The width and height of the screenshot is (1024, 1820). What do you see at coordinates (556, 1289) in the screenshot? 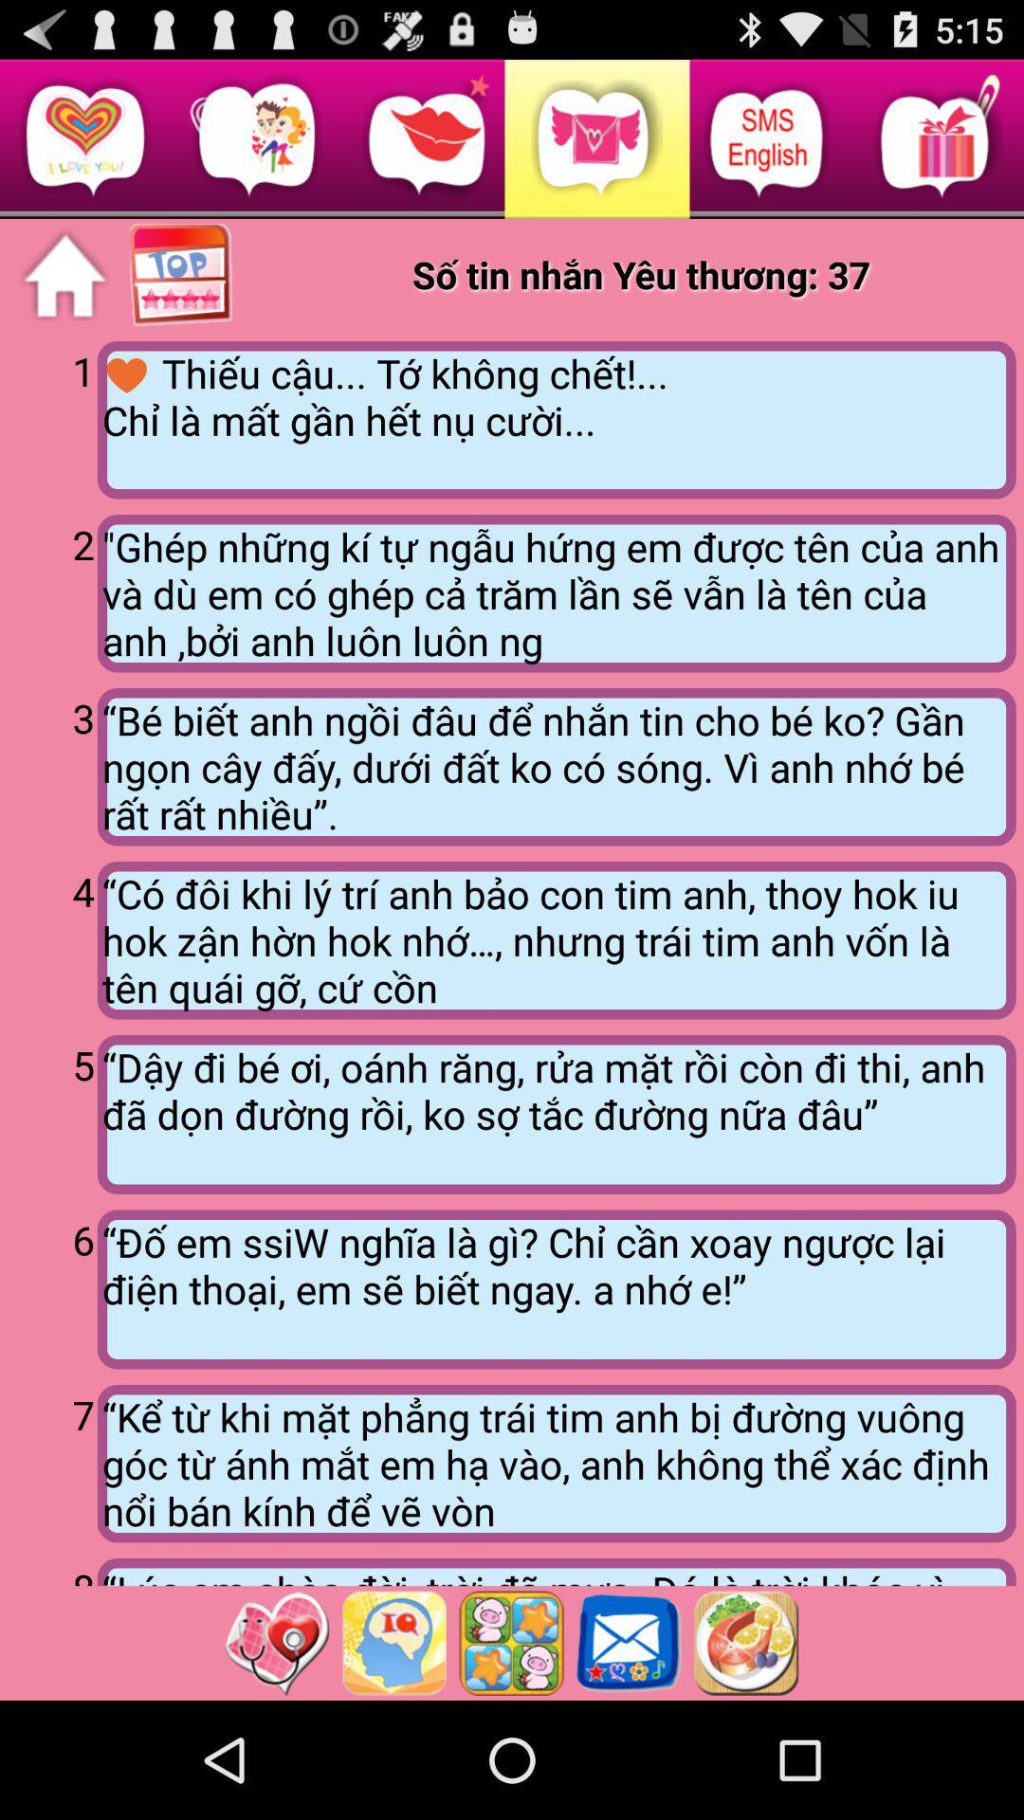
I see `the item to the right of the 6 icon` at bounding box center [556, 1289].